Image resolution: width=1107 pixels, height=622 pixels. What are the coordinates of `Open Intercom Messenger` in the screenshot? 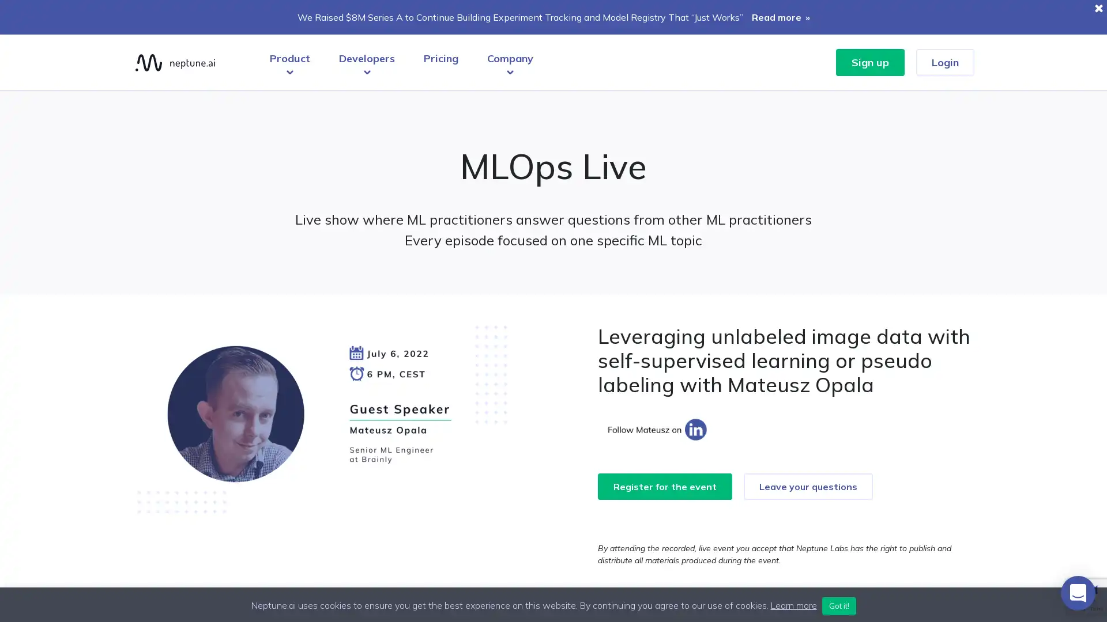 It's located at (1078, 593).